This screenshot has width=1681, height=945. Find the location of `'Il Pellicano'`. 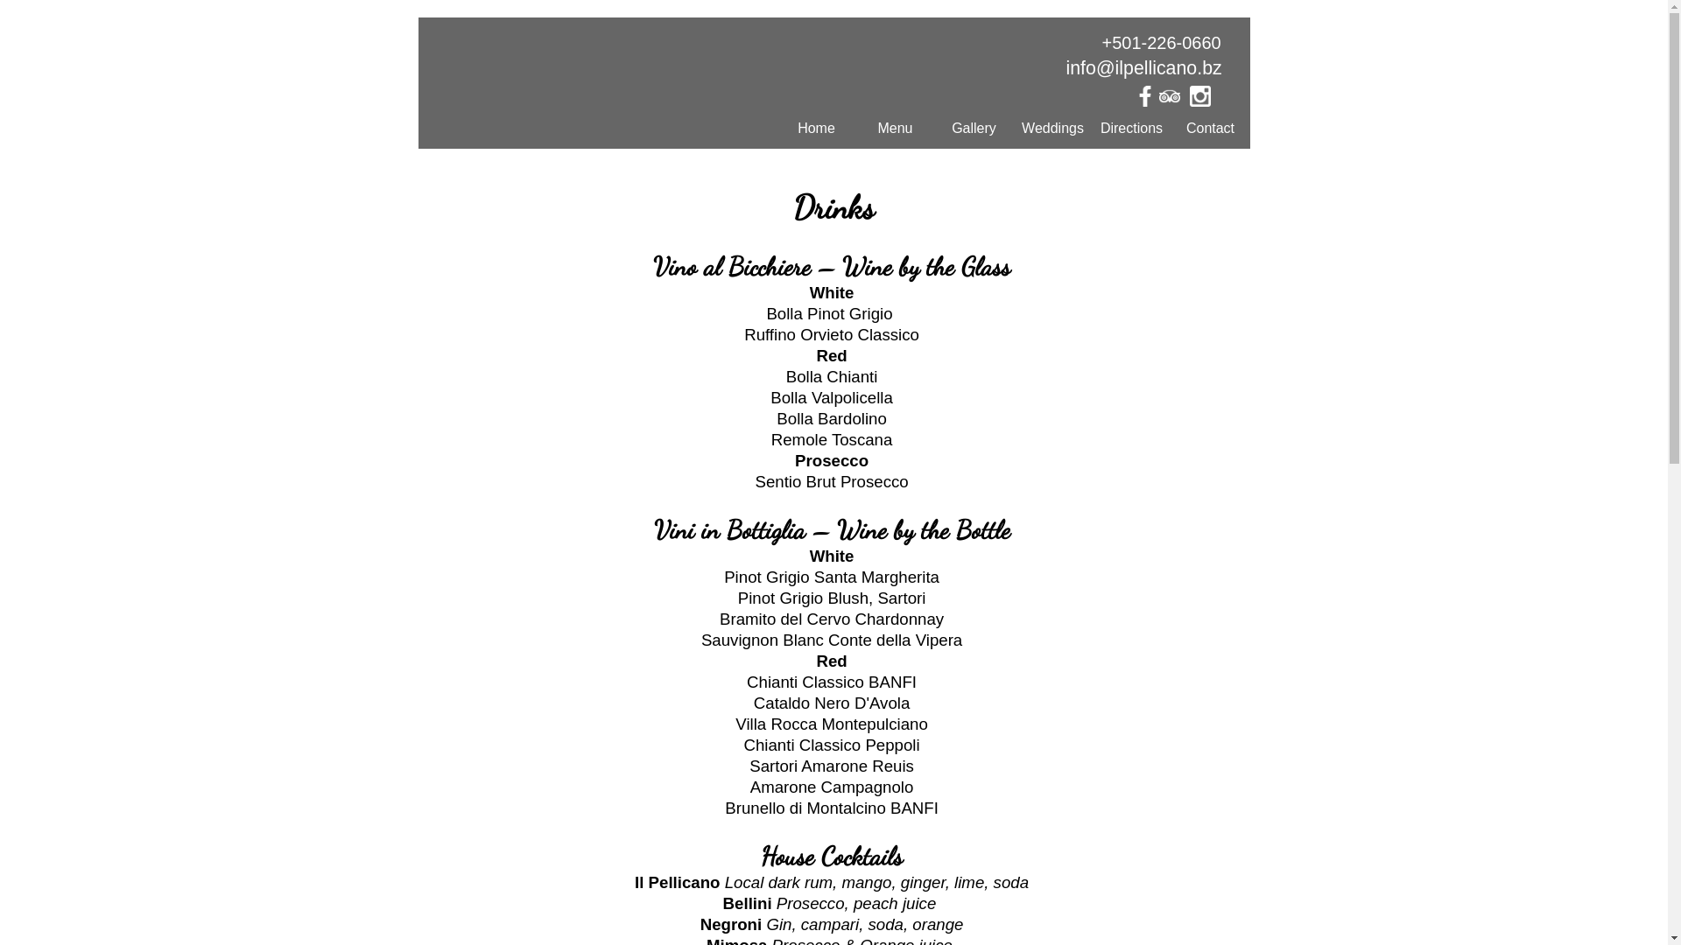

'Il Pellicano' is located at coordinates (637, 91).